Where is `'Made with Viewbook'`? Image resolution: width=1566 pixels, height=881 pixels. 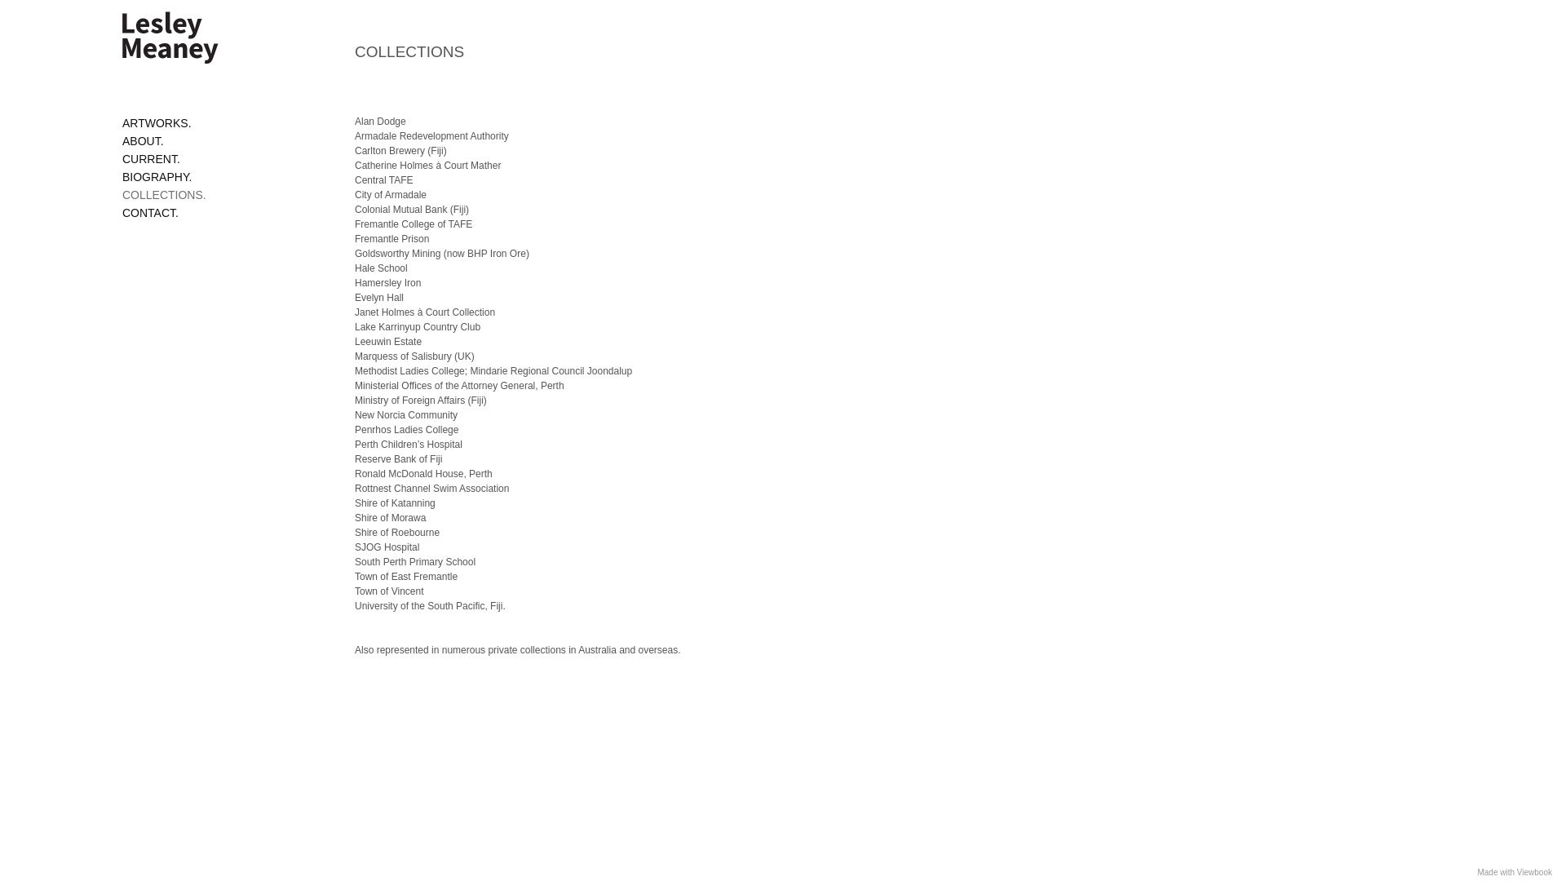
'Made with Viewbook' is located at coordinates (1514, 871).